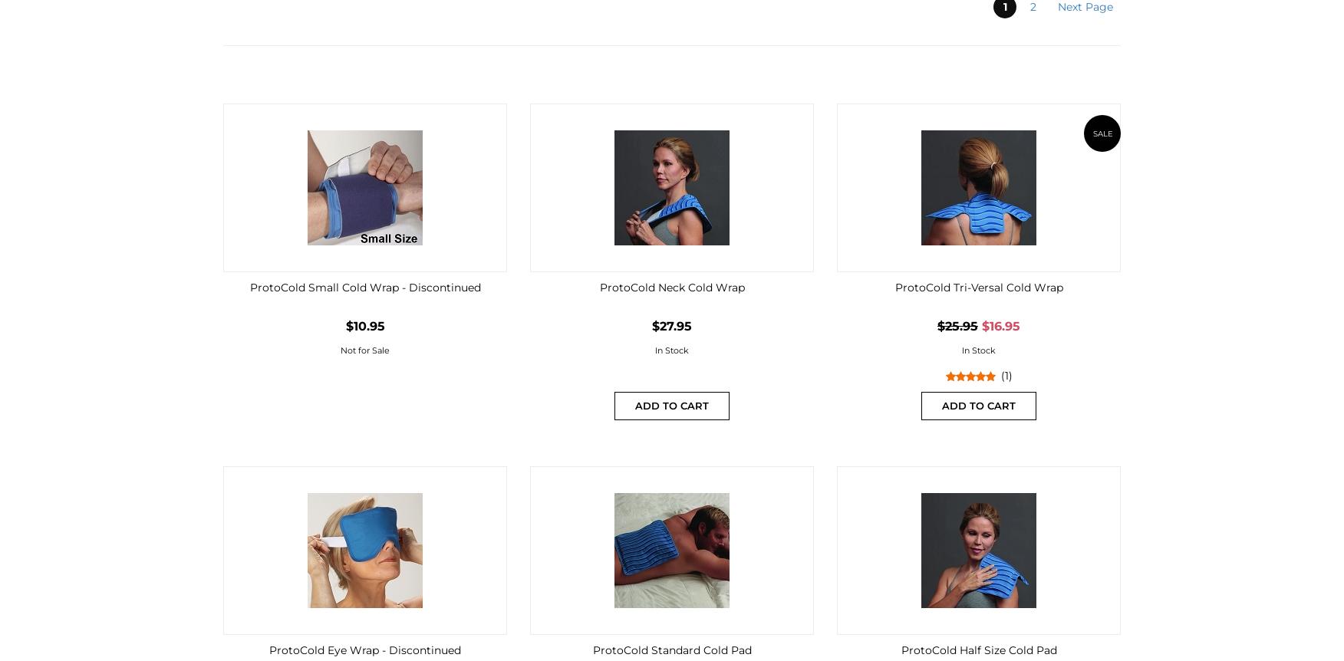 Image resolution: width=1344 pixels, height=661 pixels. What do you see at coordinates (340, 350) in the screenshot?
I see `'Not for Sale'` at bounding box center [340, 350].